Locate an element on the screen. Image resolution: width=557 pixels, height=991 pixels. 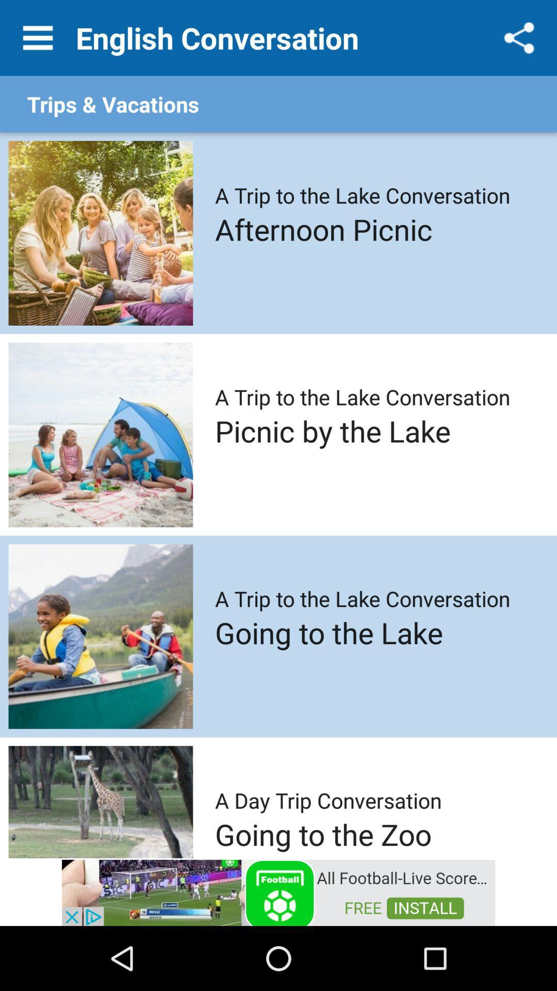
advertisement is located at coordinates (278, 891).